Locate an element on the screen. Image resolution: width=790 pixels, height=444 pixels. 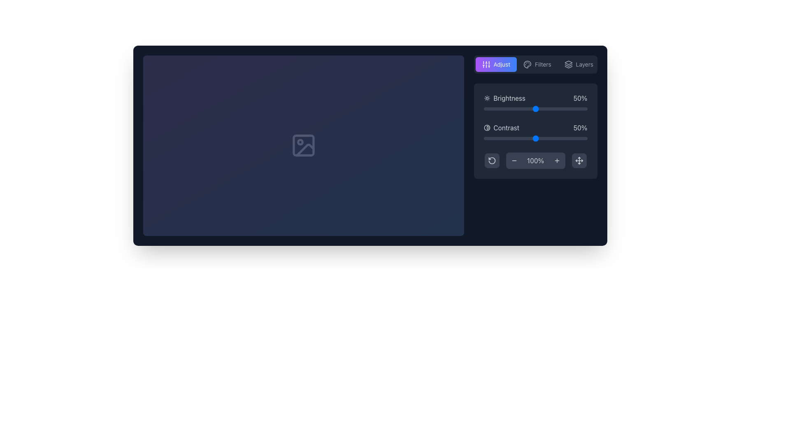
the first button in the upper-right section of the interface, which activates or navigates to adjustment features for image editing is located at coordinates (495, 64).